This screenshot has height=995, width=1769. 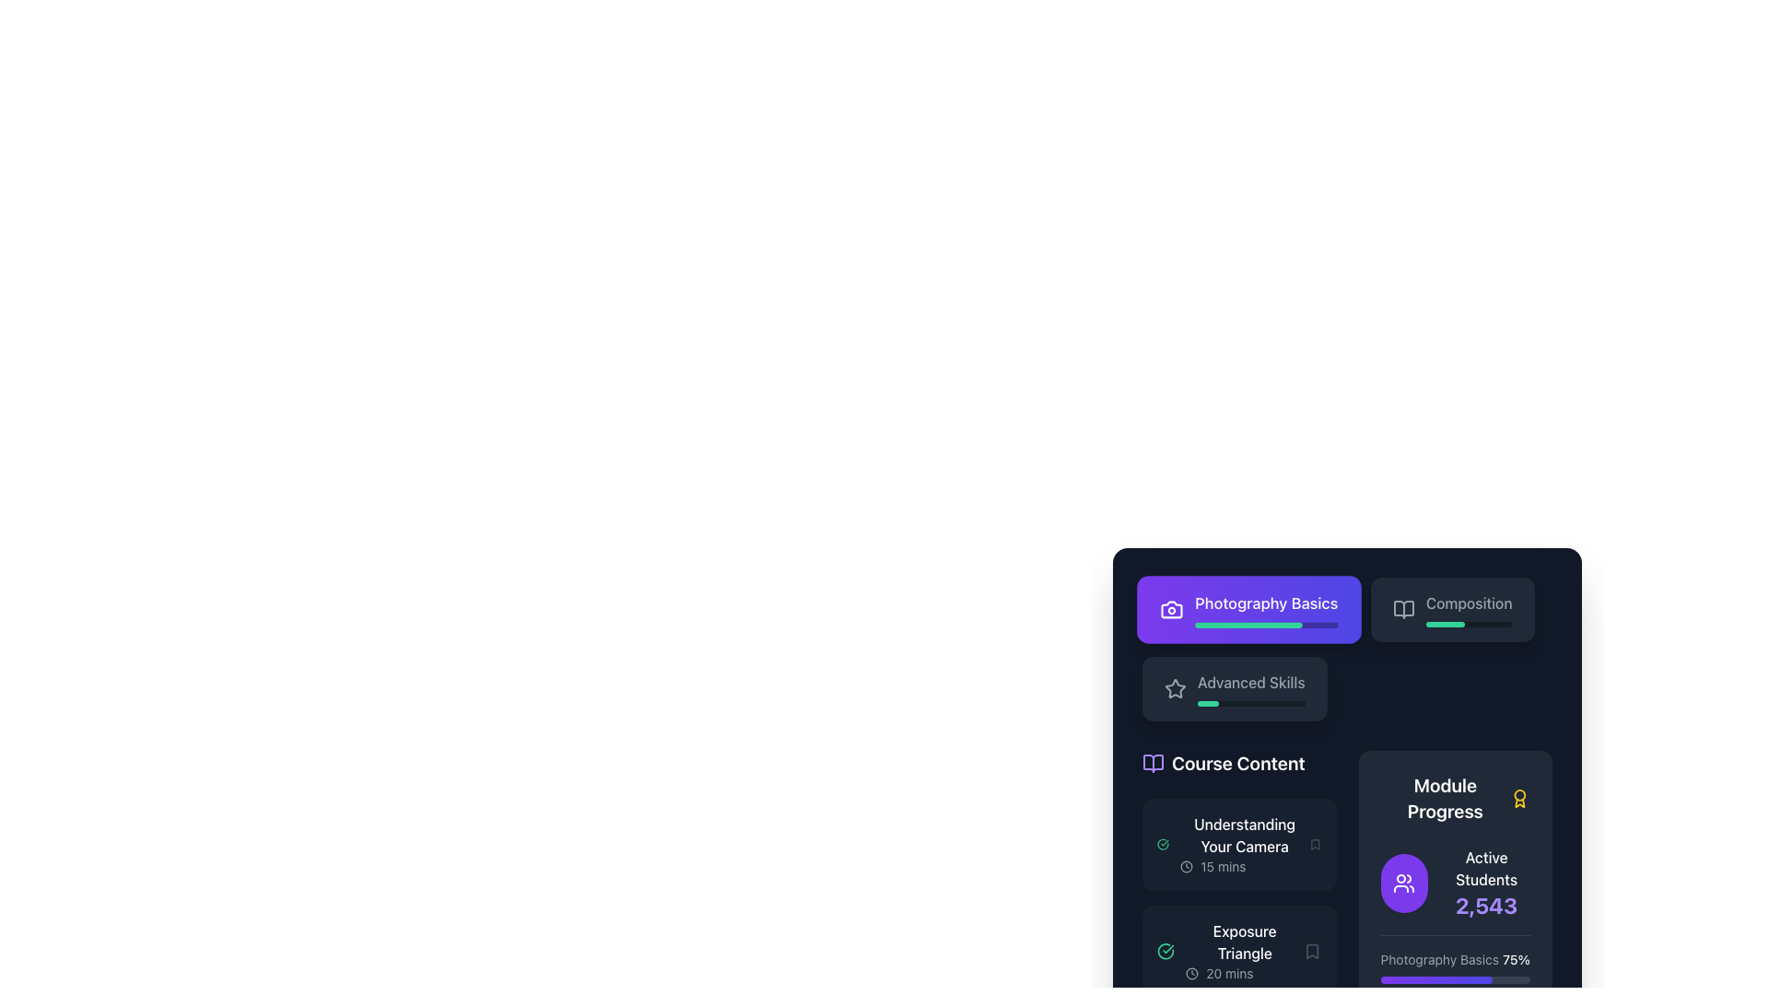 I want to click on the Informational display for 'Active Students', which features a purple circular icon with a white outline of two figures and the text 'Active Students' in white, along with the number '2,543' in bold violet hue, so click(x=1454, y=883).